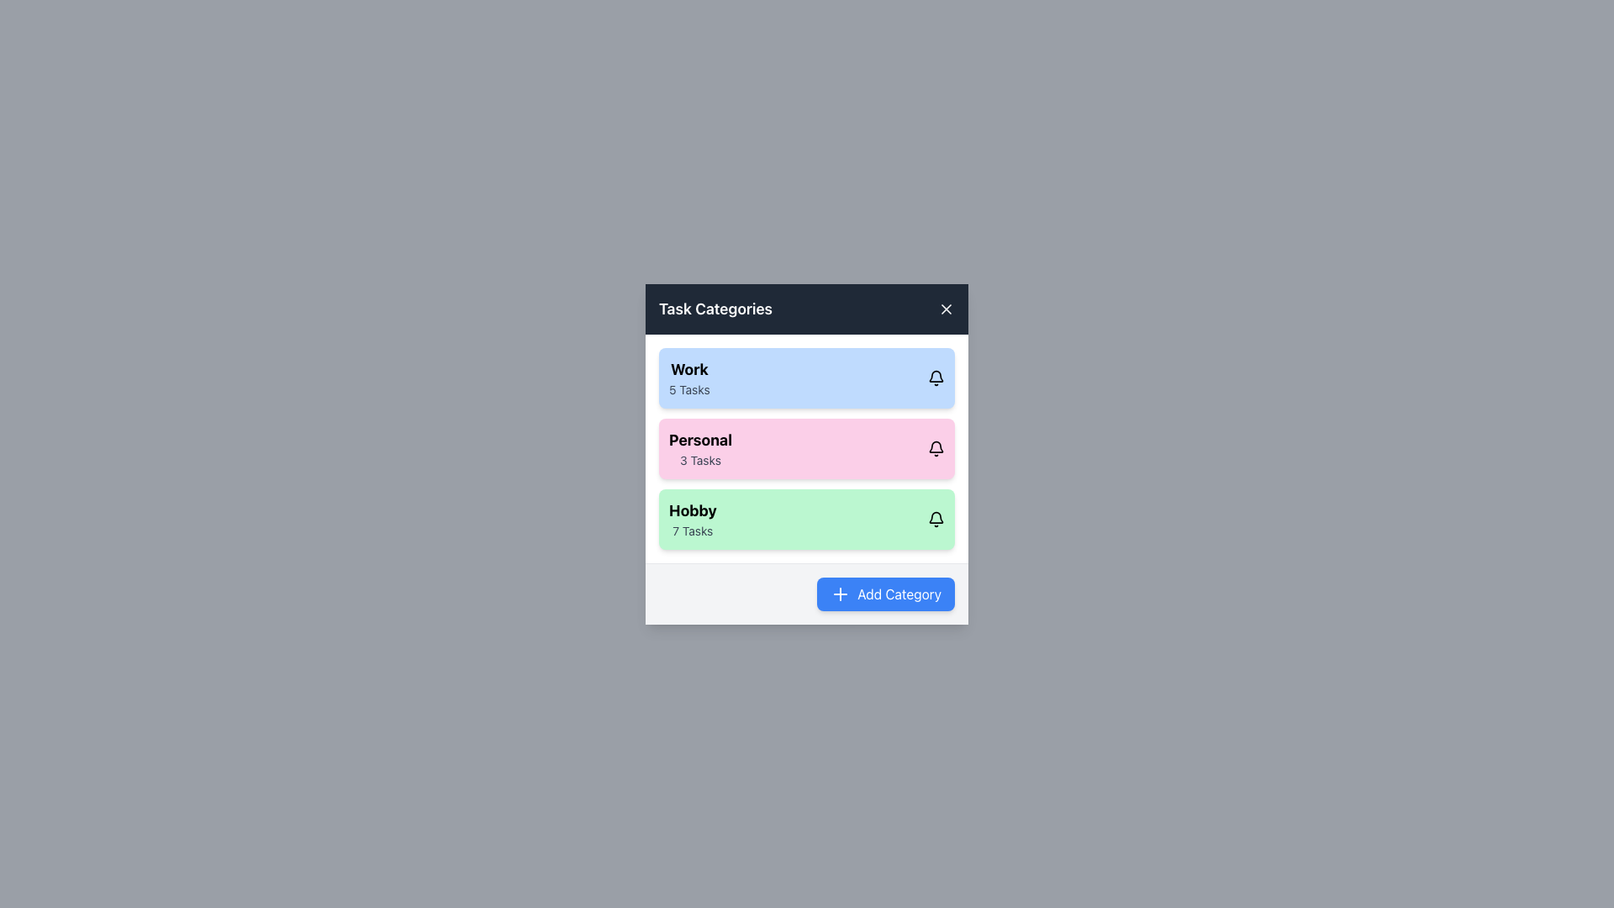 The image size is (1614, 908). What do you see at coordinates (689, 368) in the screenshot?
I see `the bold text label reading 'Work' which is located in the top-left portion of the blue rectangular section, directly above the subtext '5 Tasks'` at bounding box center [689, 368].